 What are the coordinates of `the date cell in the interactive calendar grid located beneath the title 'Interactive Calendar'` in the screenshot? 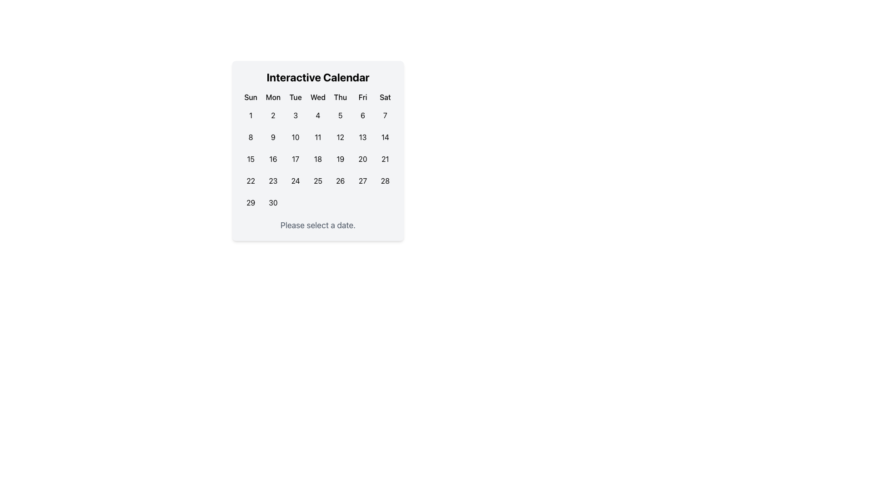 It's located at (318, 151).